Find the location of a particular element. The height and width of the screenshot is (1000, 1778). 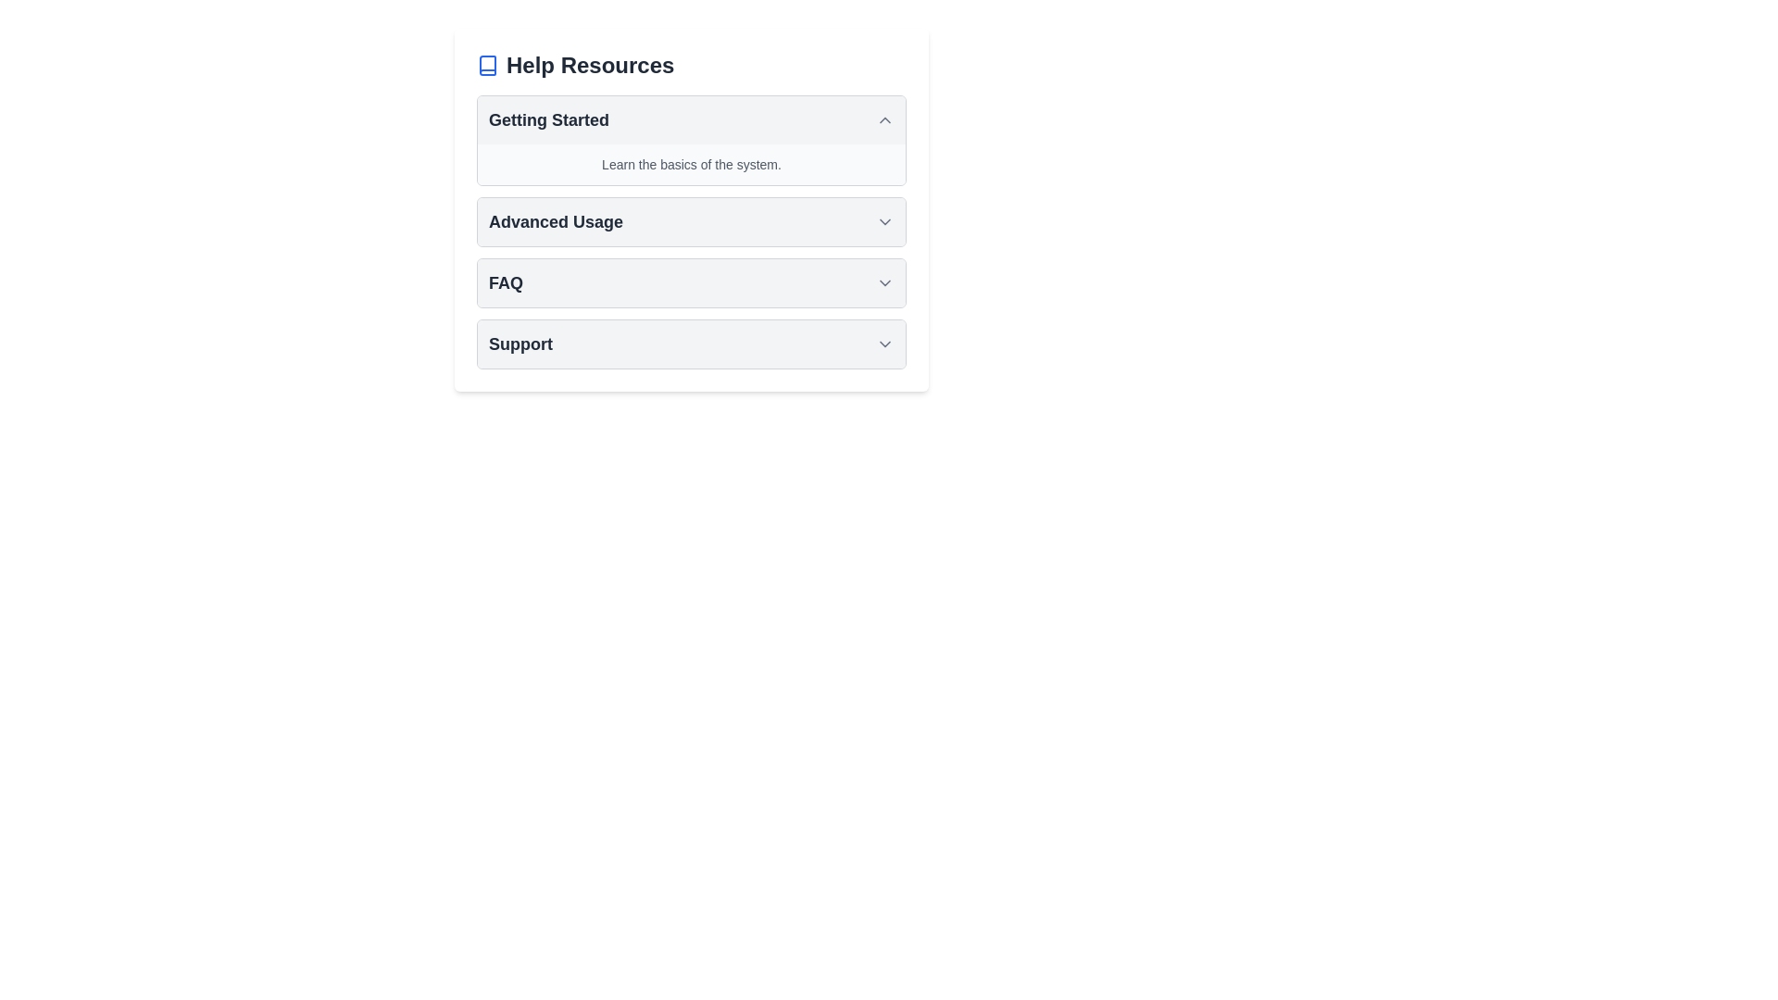

the blue book icon located to the left of the 'Help Resources' text for information is located at coordinates (488, 64).